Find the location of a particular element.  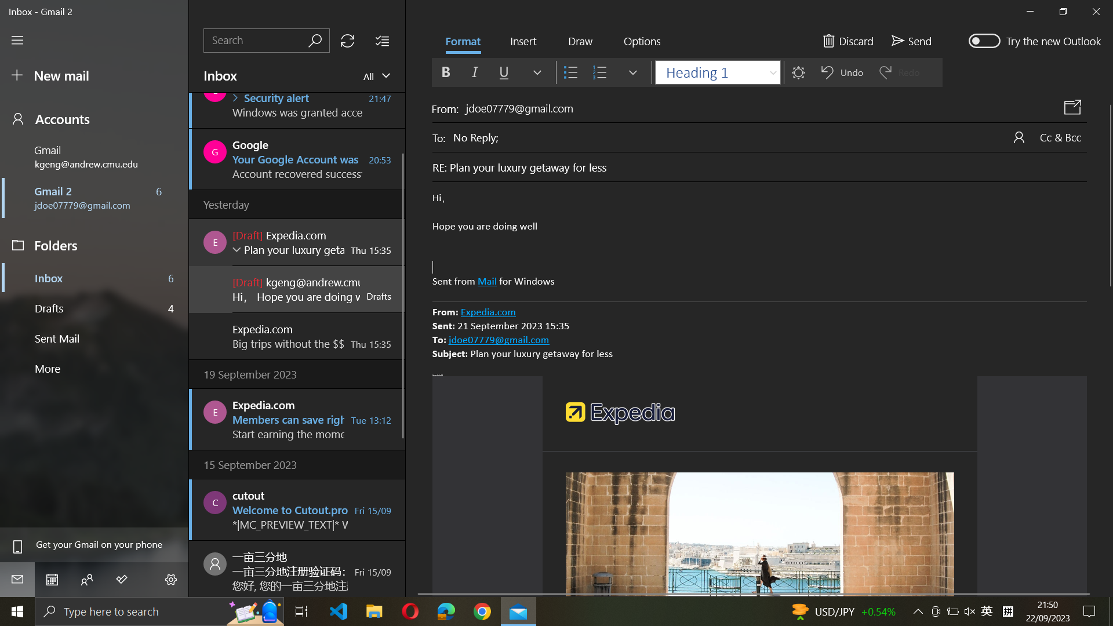

Update the email inbox is located at coordinates (347, 40).